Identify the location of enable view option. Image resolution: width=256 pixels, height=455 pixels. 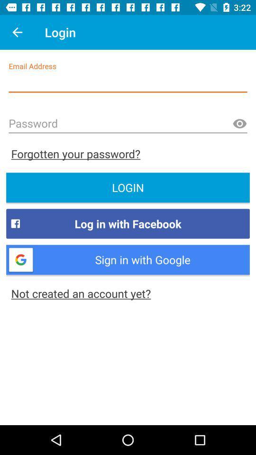
(239, 123).